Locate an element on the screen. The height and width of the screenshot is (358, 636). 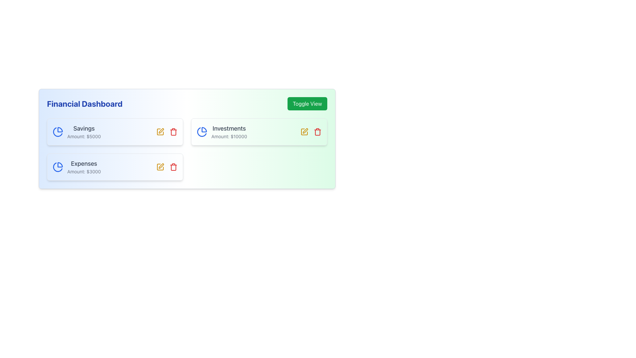
the 'Edit' button located in the bottom row of the financial dashboard interface, specifically in the 'Expenses' section, to initiate editing is located at coordinates (160, 167).